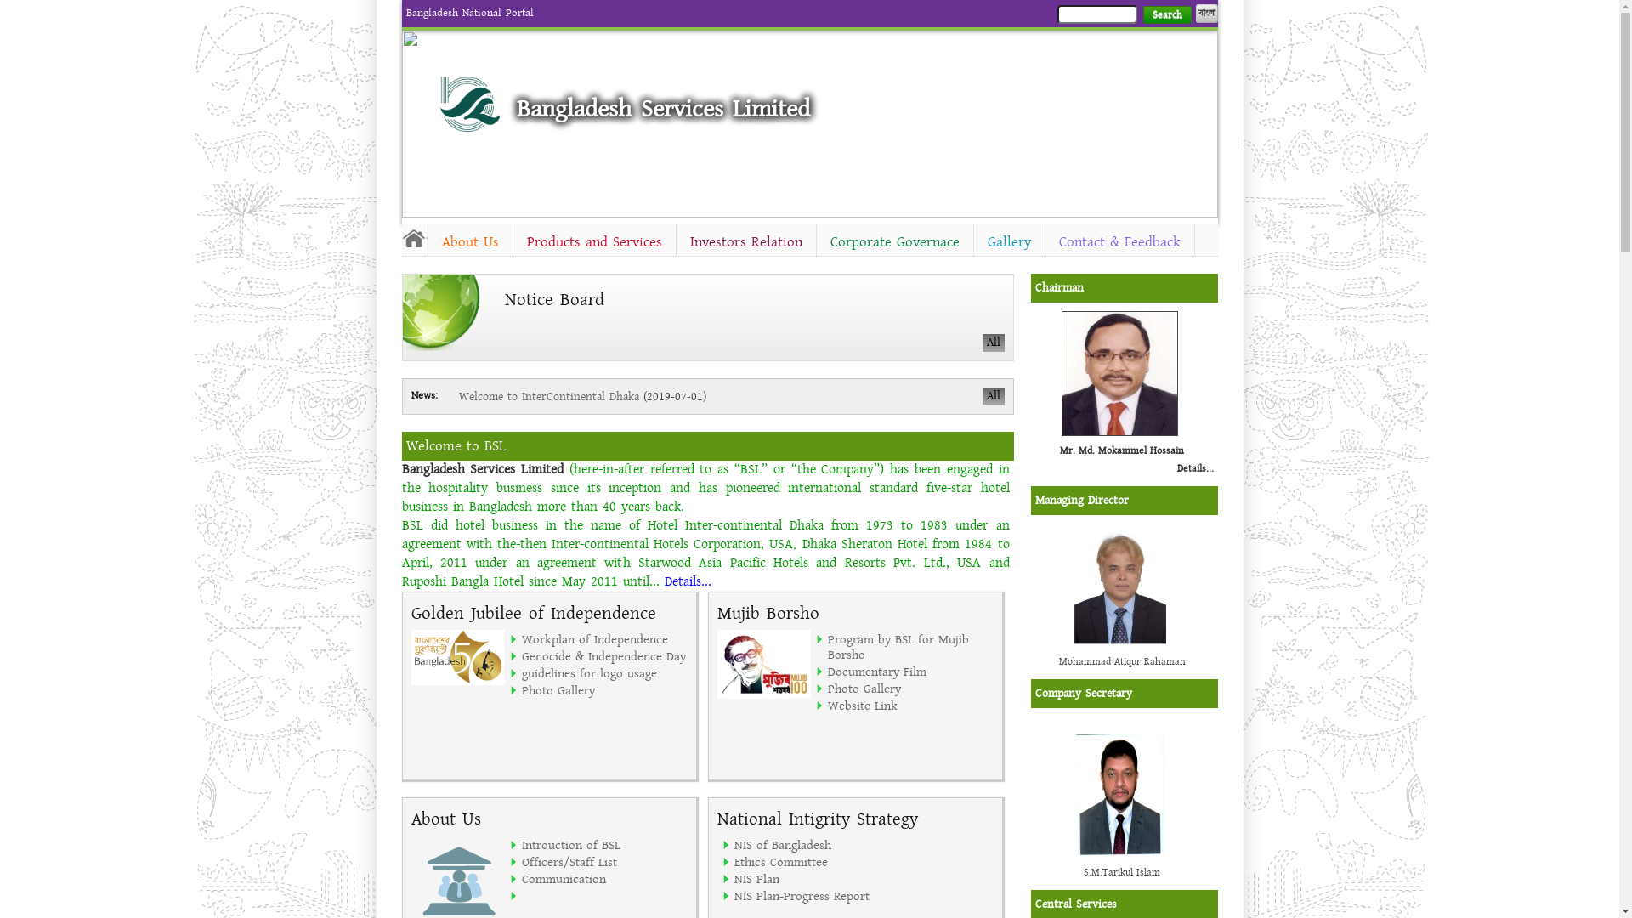  Describe the element at coordinates (470, 242) in the screenshot. I see `'About Us'` at that location.